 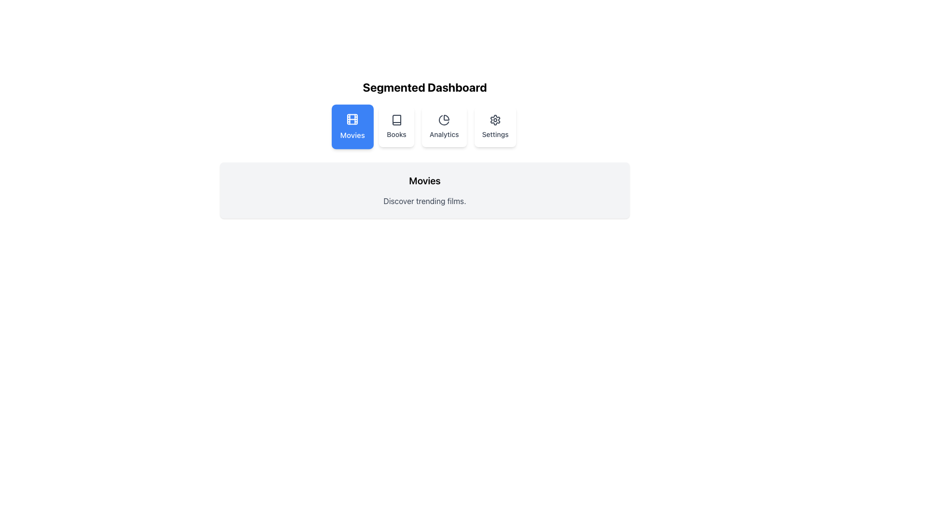 I want to click on the textual header 'Segmented Dashboard', which is styled with bold typography and large font size, positioned at the top of the content area above the navigation menu, so click(x=424, y=87).